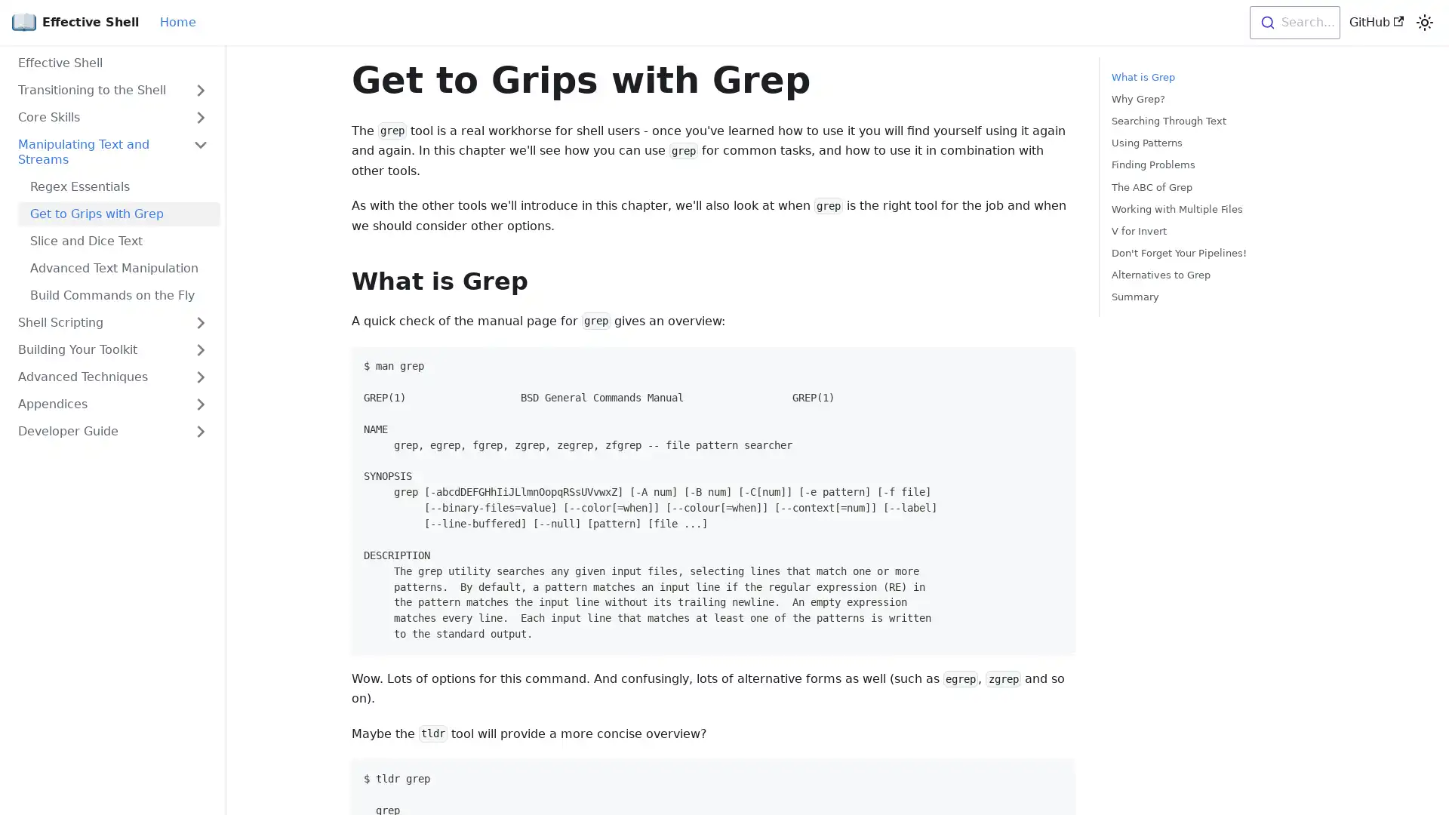 The height and width of the screenshot is (815, 1449). What do you see at coordinates (199, 152) in the screenshot?
I see `Toggle the collapsible sidebar category 'Manipulating Text and Streams'` at bounding box center [199, 152].